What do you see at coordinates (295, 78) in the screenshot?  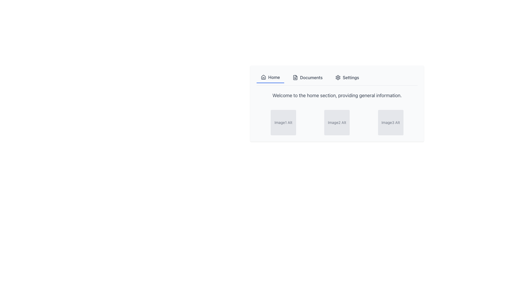 I see `the 'Documents' icon located on the navigation bar` at bounding box center [295, 78].